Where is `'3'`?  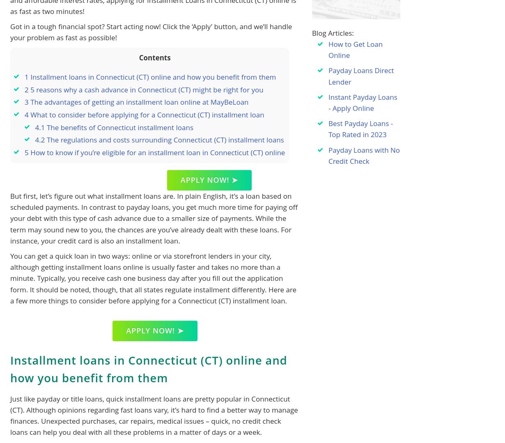 '3' is located at coordinates (26, 101).